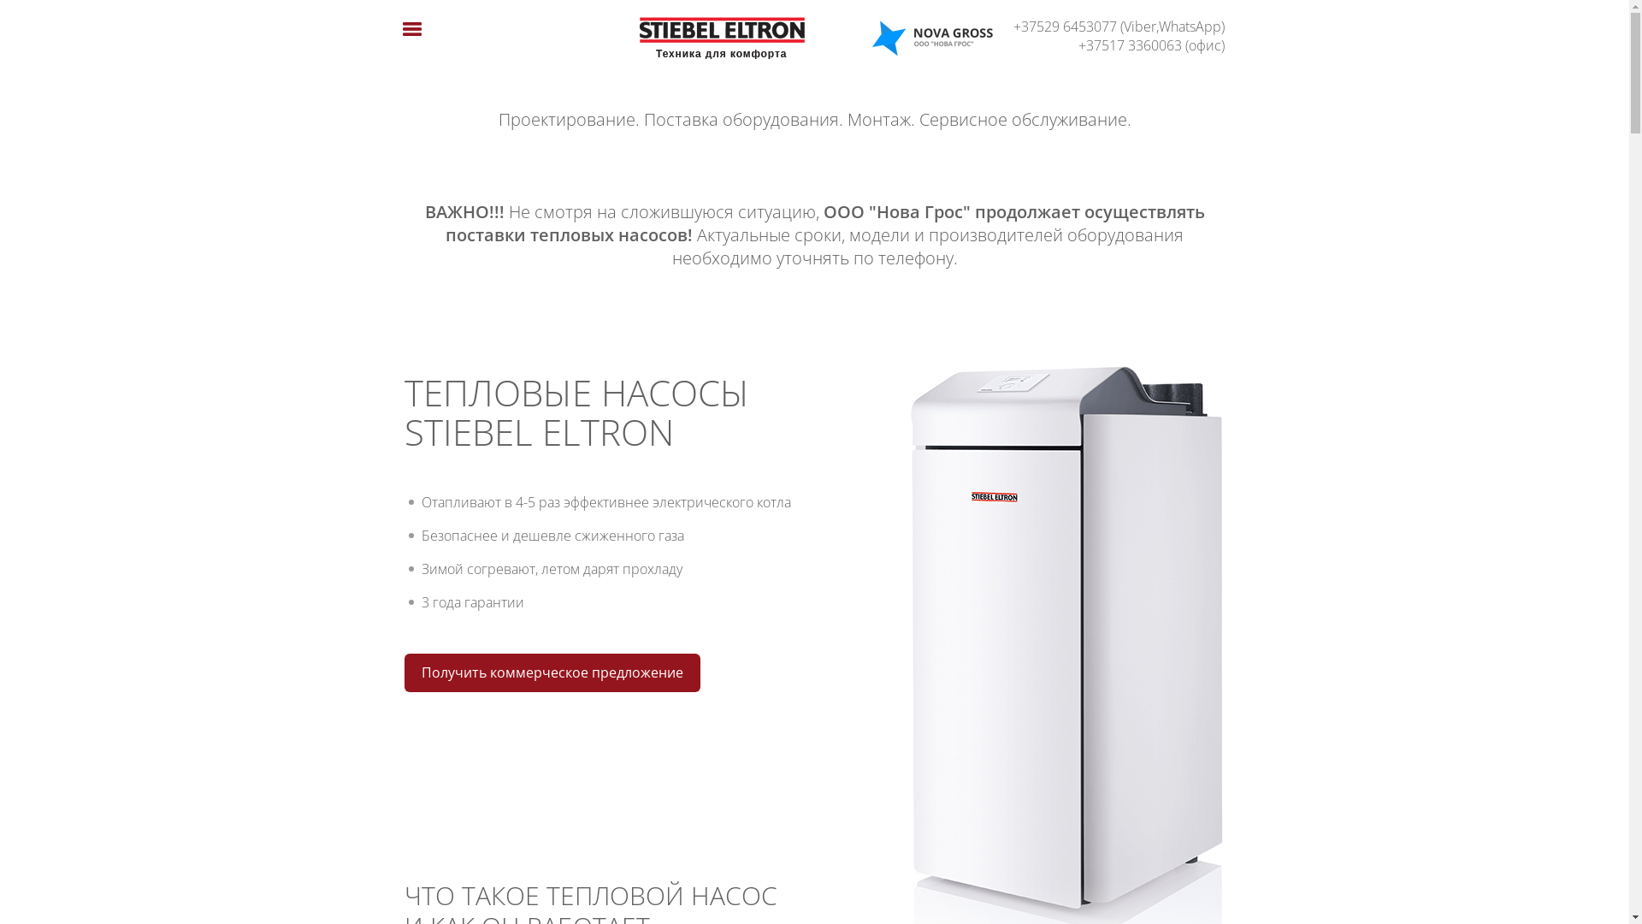 This screenshot has height=924, width=1642. What do you see at coordinates (1110, 26) in the screenshot?
I see `'+37529 6453077 (Viber,WhatsApp)'` at bounding box center [1110, 26].